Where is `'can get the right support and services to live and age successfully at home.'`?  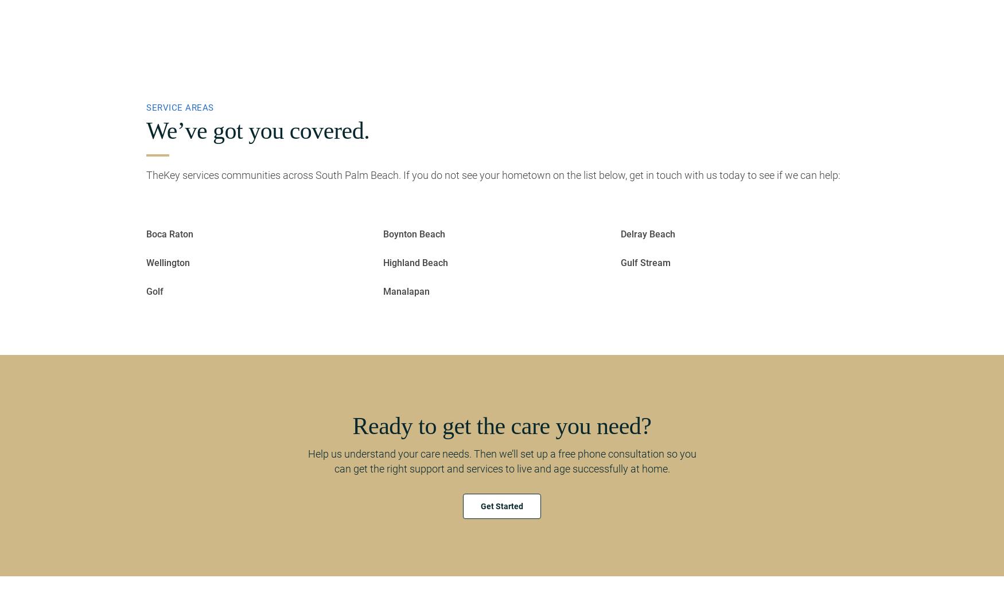 'can get the right support and services to live and age successfully at home.' is located at coordinates (501, 468).